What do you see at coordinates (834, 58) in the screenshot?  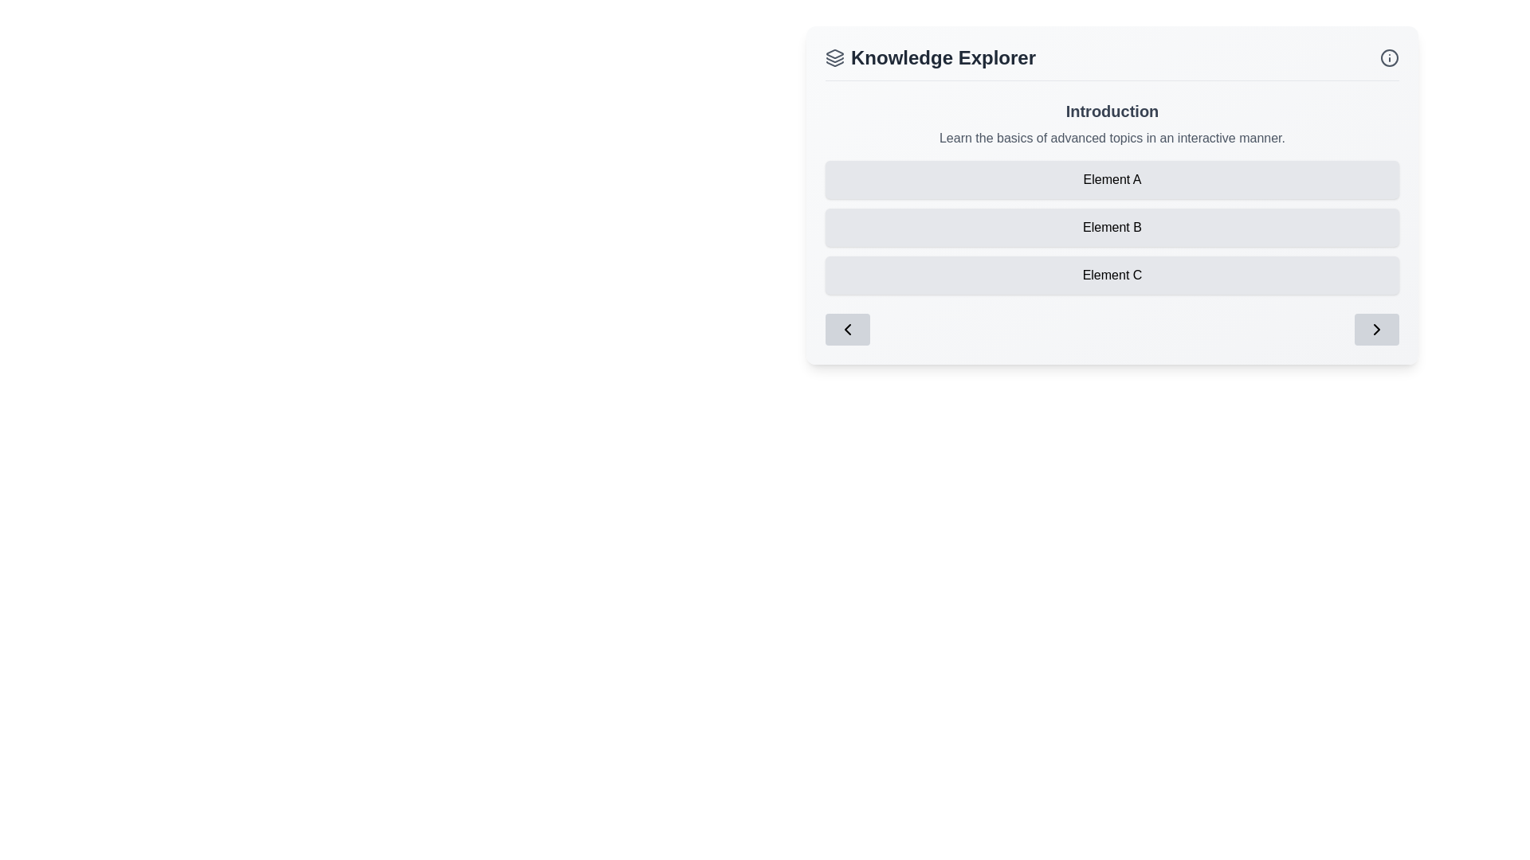 I see `the middle layer segment of a three-layer icon, characterized by a curved, triangular shape` at bounding box center [834, 58].